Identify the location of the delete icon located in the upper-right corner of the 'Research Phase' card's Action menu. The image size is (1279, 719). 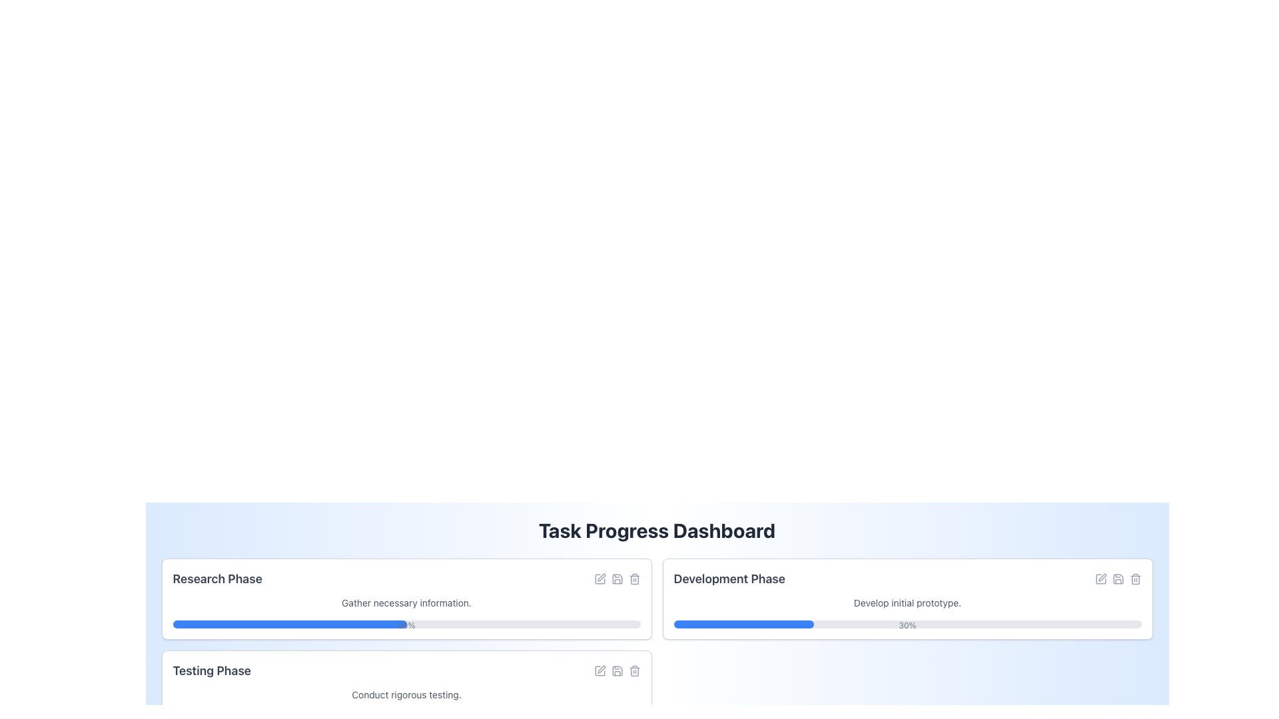
(616, 579).